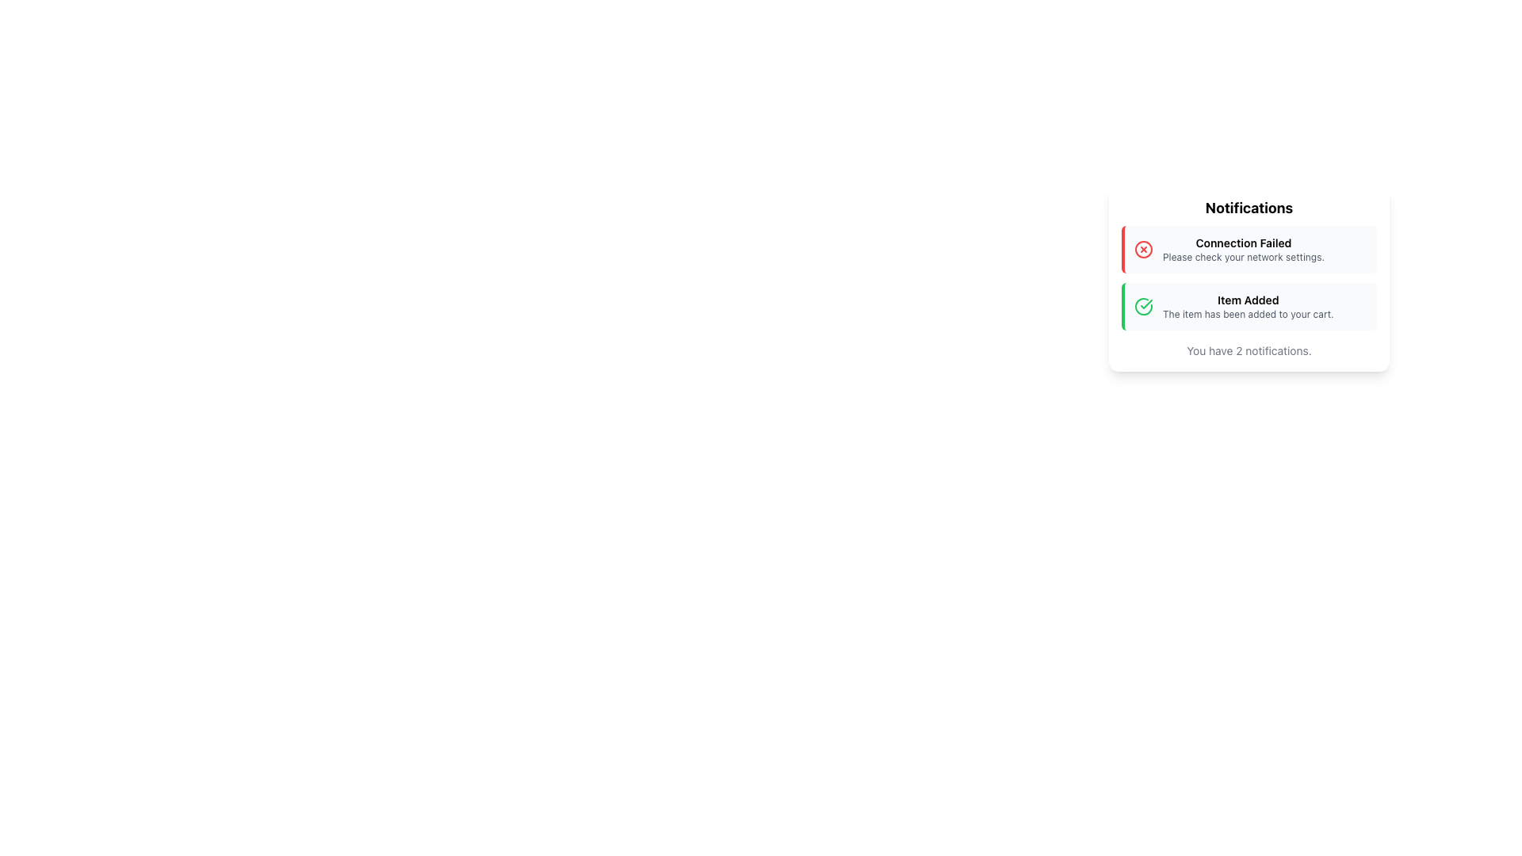  What do you see at coordinates (1250, 306) in the screenshot?
I see `confirmation message displayed in the notification panel confirming that an item has been added to the cart, which is the second notification below the 'Connection Failed' warning` at bounding box center [1250, 306].